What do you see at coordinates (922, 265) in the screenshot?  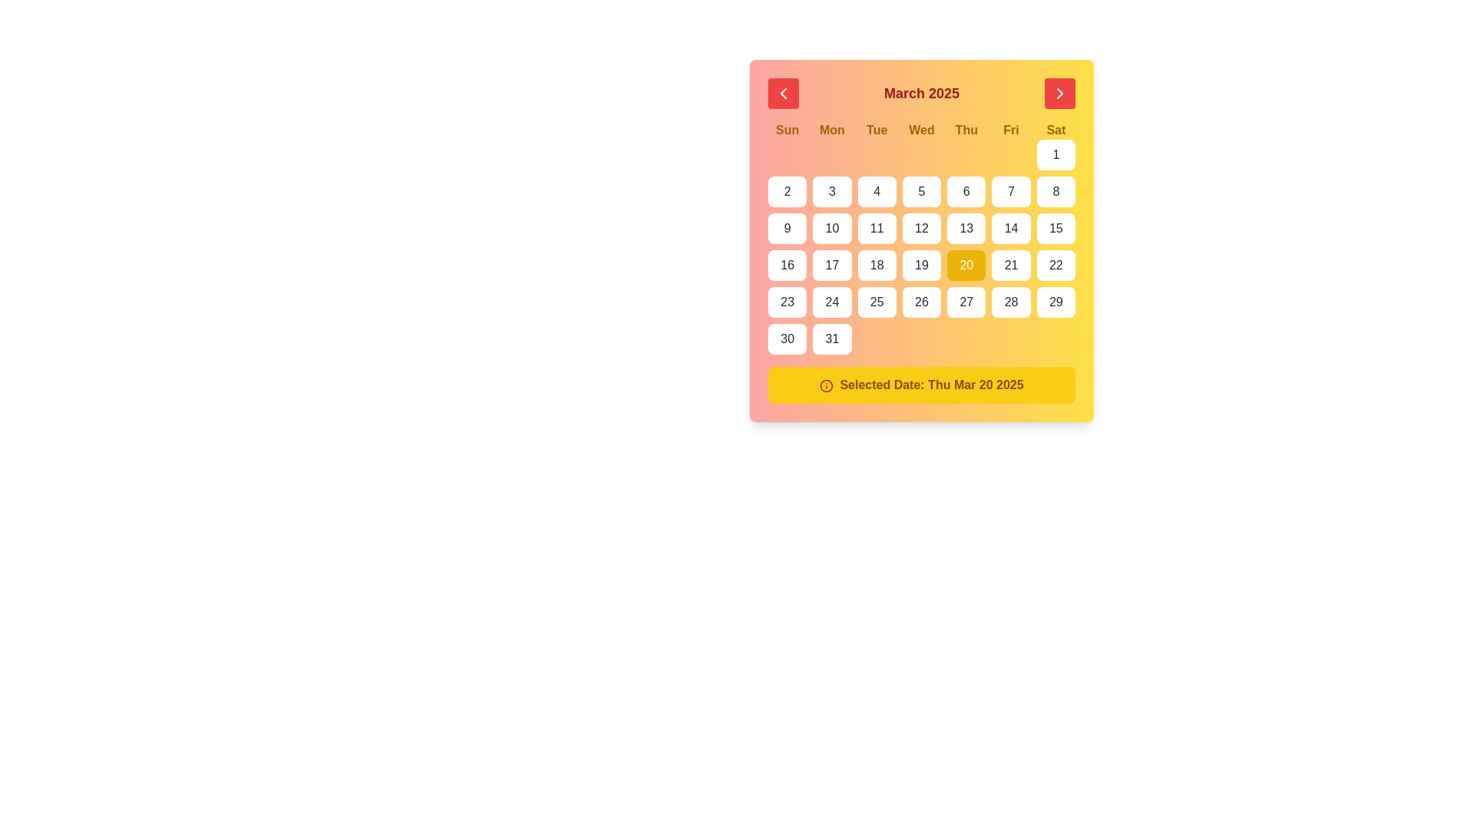 I see `the rectangular button labeled '19' with a white background and dark gray font, located in the calendar grid under 'March 2025'` at bounding box center [922, 265].